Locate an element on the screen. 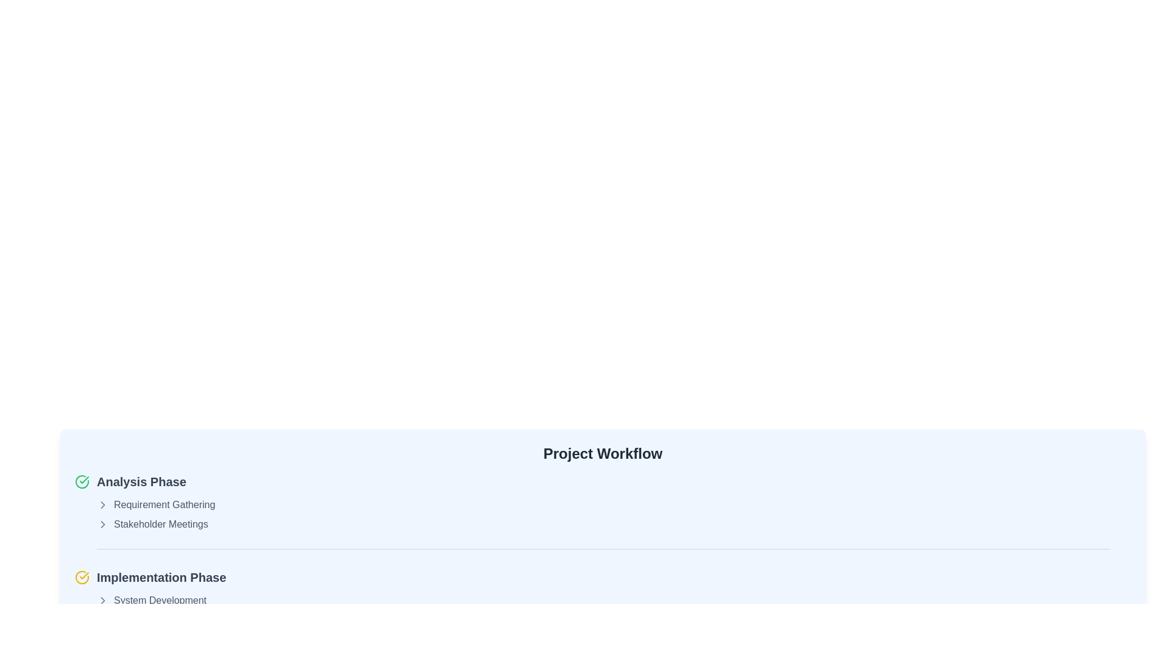  the chevron icon, which is a minimalist arrow-shaped icon pointing to the right, located in the lower section of the interface is located at coordinates (102, 600).